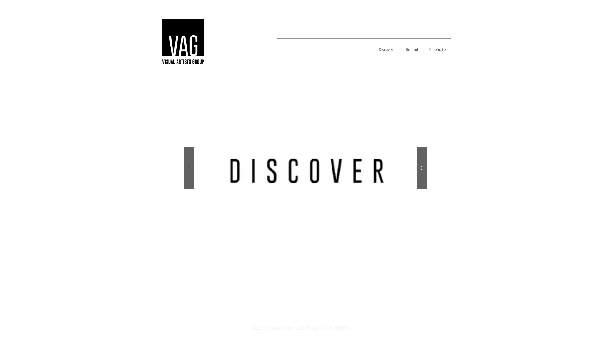  Describe the element at coordinates (188, 168) in the screenshot. I see `previous` at that location.